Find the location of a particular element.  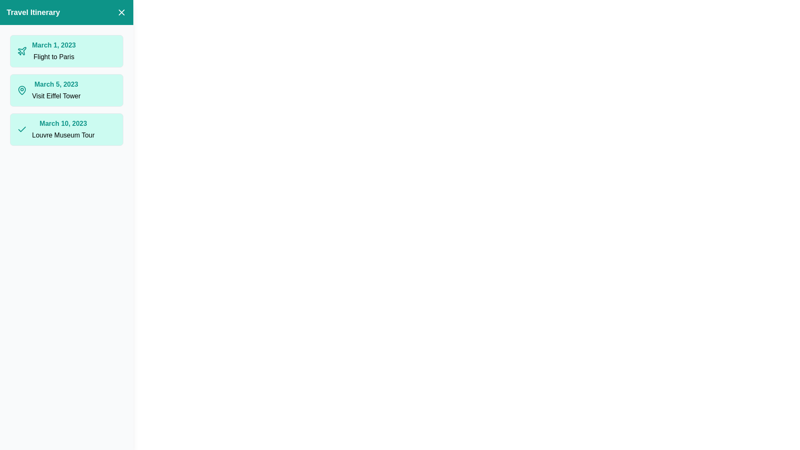

toggle button at the top-left corner to toggle the drawer's visibility is located at coordinates (16, 16).